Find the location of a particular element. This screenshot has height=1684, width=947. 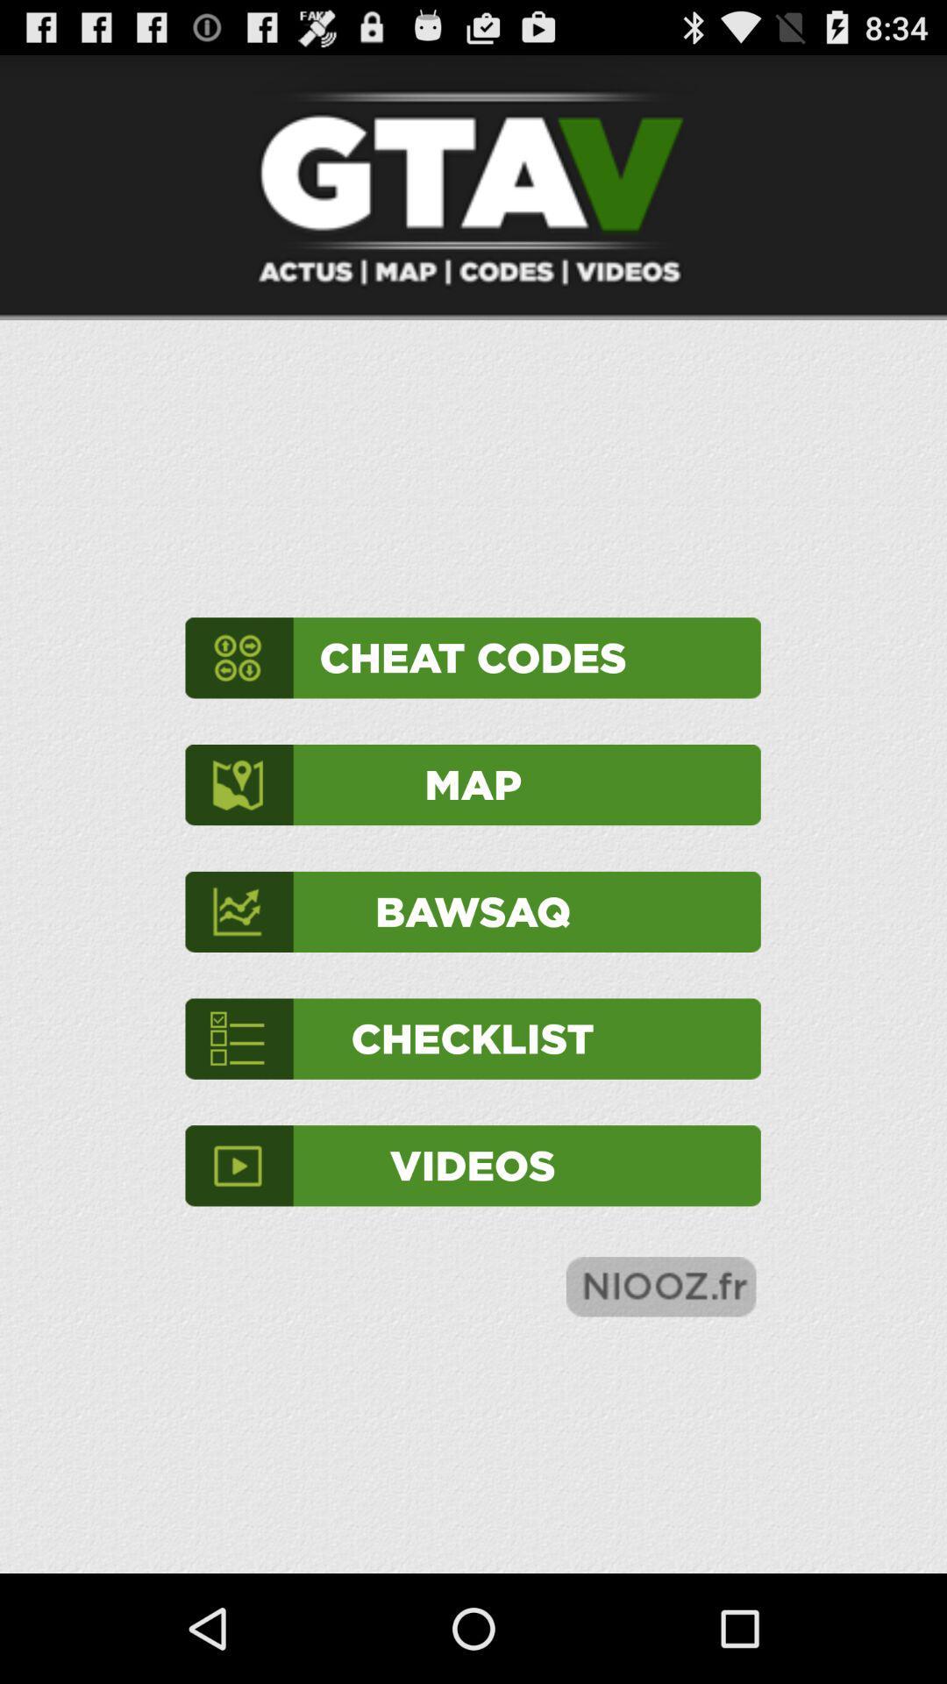

the checklist is located at coordinates (472, 1038).